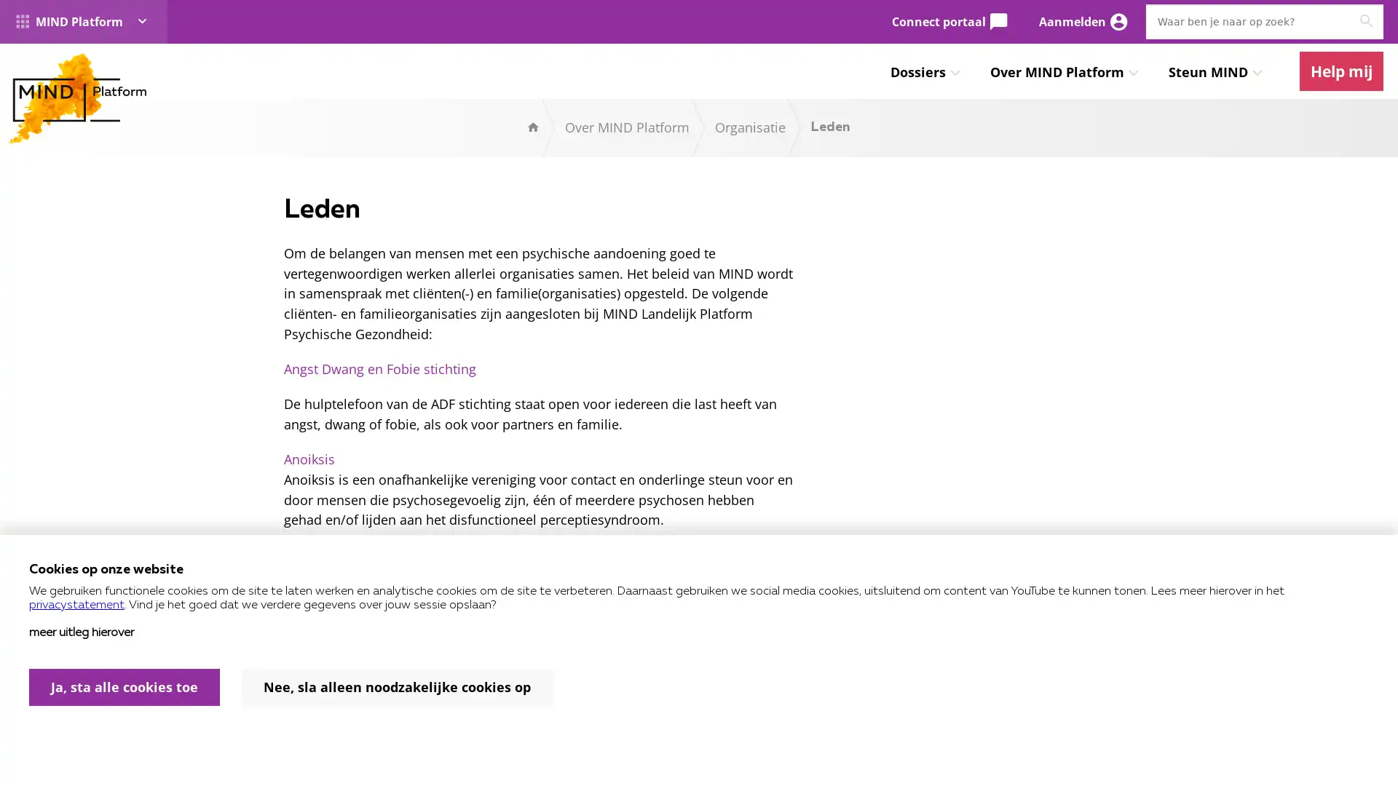 The width and height of the screenshot is (1398, 786). What do you see at coordinates (397, 687) in the screenshot?
I see `Nee, sla alleen noodzakelijke cookies op` at bounding box center [397, 687].